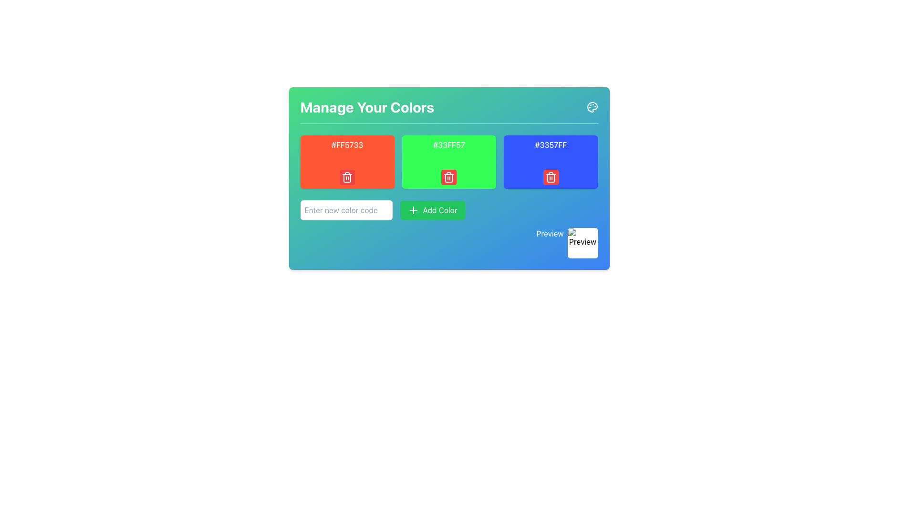  What do you see at coordinates (366, 107) in the screenshot?
I see `the bold white text header reading 'Manage Your Colors' styled with a large font on a greenish-blue gradient background, which is positioned at the top-left corner of the interface` at bounding box center [366, 107].